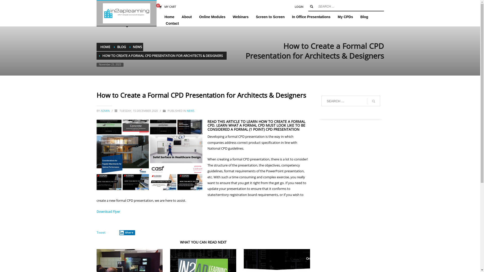 This screenshot has height=272, width=484. Describe the element at coordinates (186, 16) in the screenshot. I see `'About'` at that location.